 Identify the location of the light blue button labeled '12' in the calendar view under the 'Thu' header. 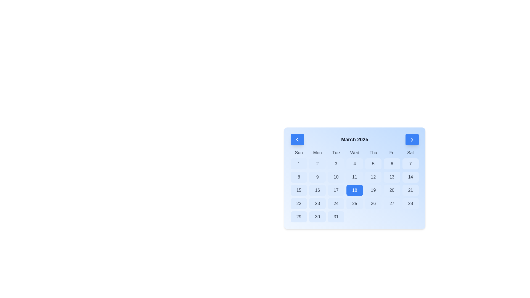
(373, 177).